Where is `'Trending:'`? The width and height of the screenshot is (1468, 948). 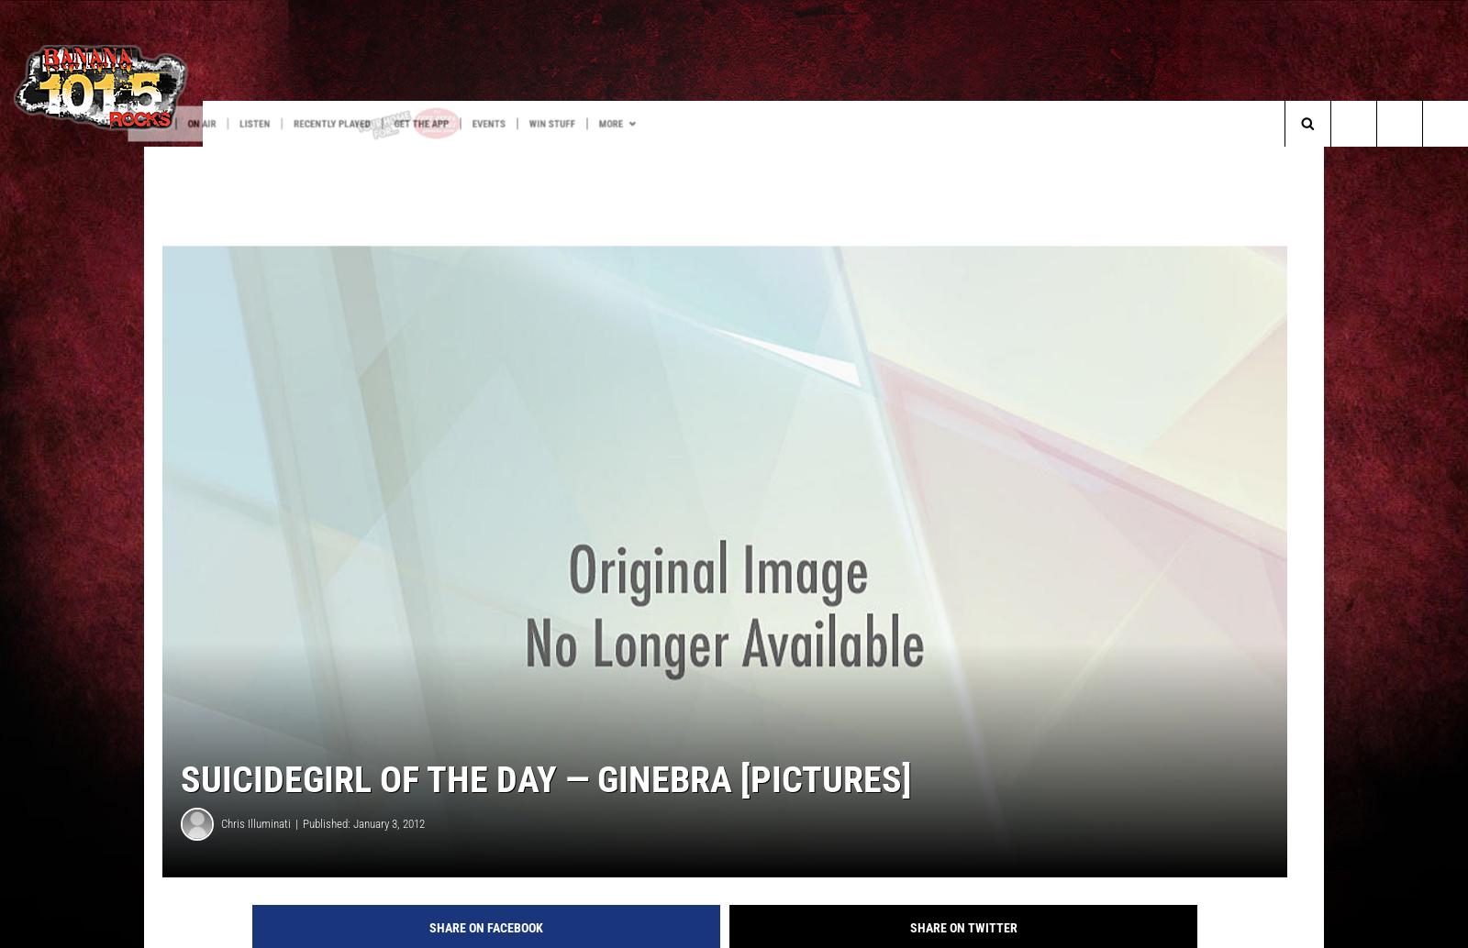 'Trending:' is located at coordinates (56, 160).